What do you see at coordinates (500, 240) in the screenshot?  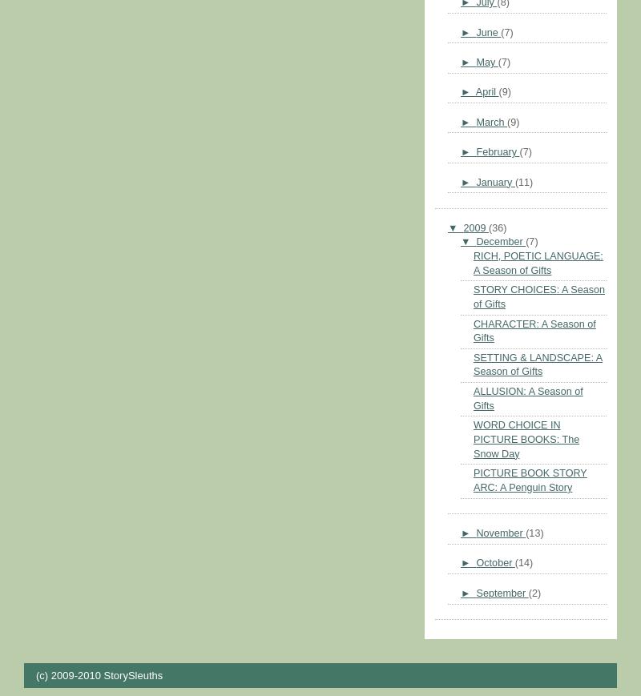 I see `'December'` at bounding box center [500, 240].